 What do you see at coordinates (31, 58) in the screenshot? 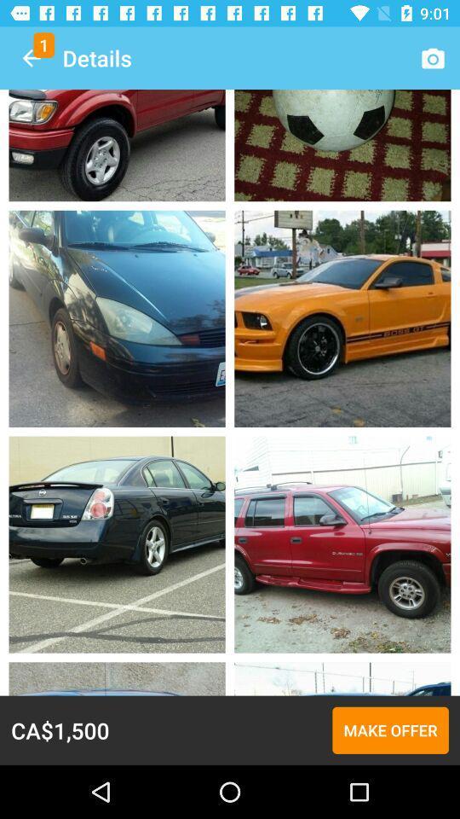
I see `the icon to the left of the details icon` at bounding box center [31, 58].